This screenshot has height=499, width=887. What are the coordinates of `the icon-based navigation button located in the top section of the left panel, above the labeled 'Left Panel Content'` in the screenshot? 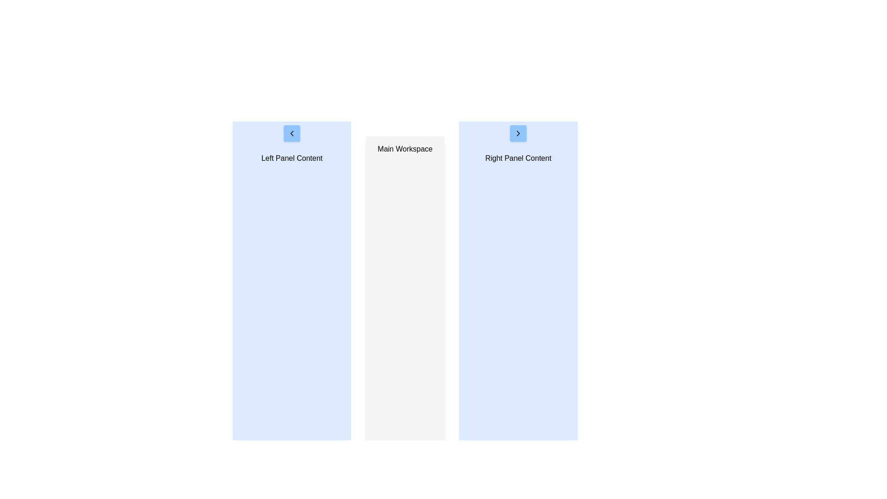 It's located at (292, 134).